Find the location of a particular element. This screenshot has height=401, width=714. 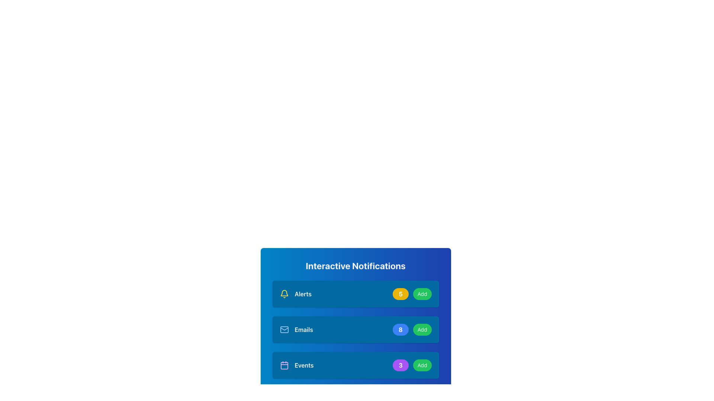

the button located in the first row of the list under the 'Interactive Notifications' panel, positioned to the right of a yellow circular badge with the text '5' is located at coordinates (422, 293).